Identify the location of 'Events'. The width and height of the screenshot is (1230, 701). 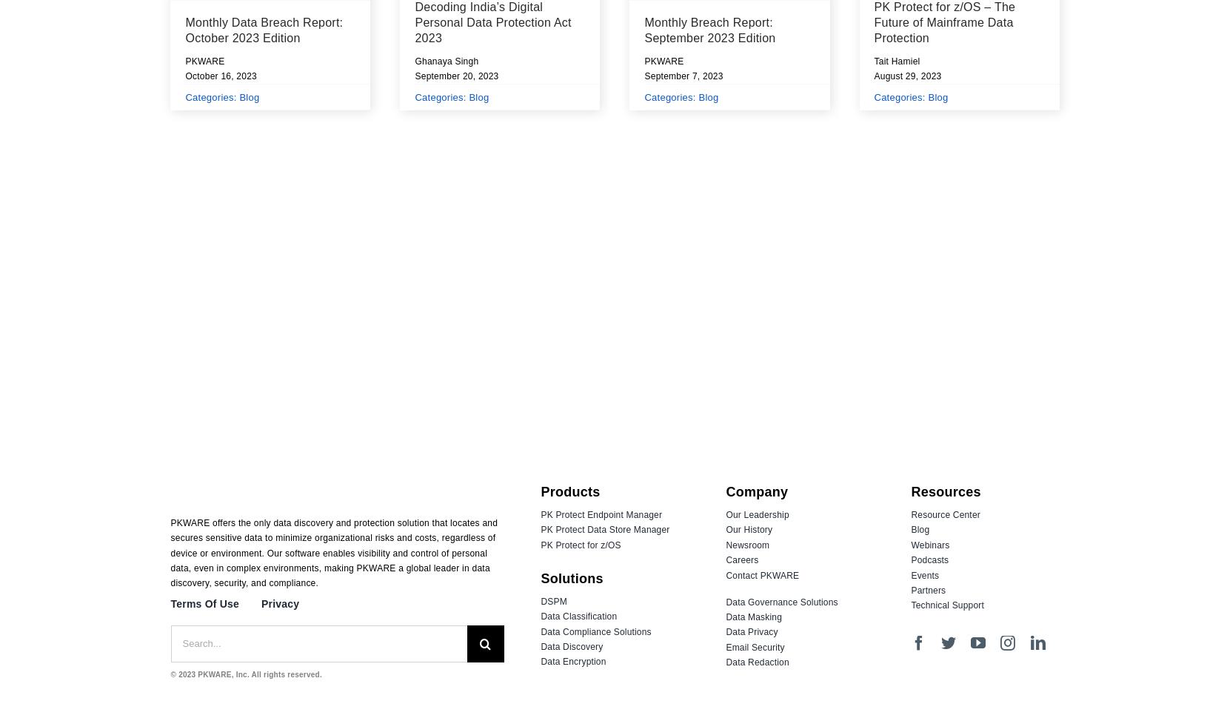
(925, 574).